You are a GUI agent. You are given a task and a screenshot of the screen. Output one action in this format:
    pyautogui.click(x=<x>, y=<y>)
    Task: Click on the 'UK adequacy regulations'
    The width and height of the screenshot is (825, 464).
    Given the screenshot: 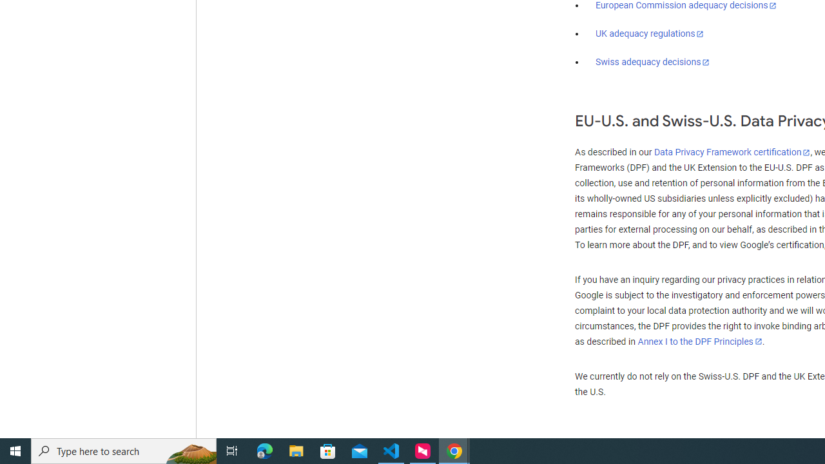 What is the action you would take?
    pyautogui.click(x=650, y=33)
    